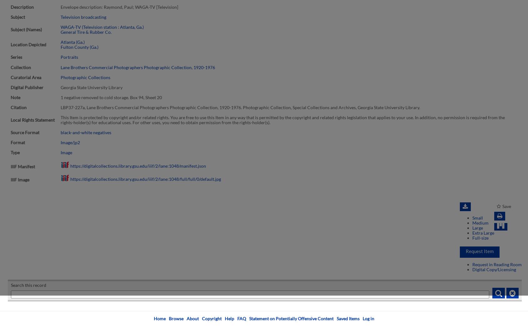 Image resolution: width=528 pixels, height=330 pixels. I want to click on 'FAQ', so click(237, 318).